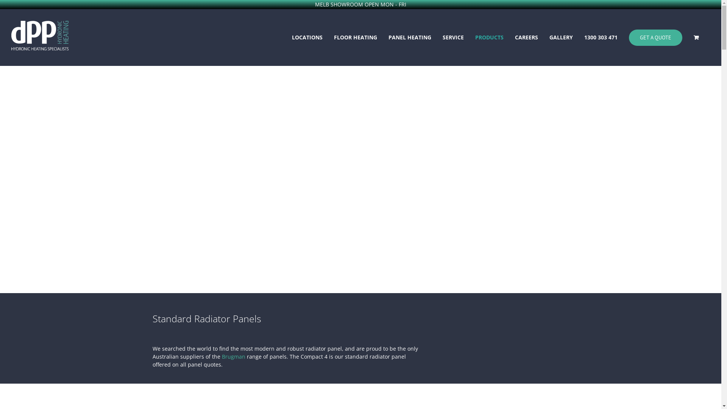  I want to click on 'PANEL HEATING', so click(409, 37).